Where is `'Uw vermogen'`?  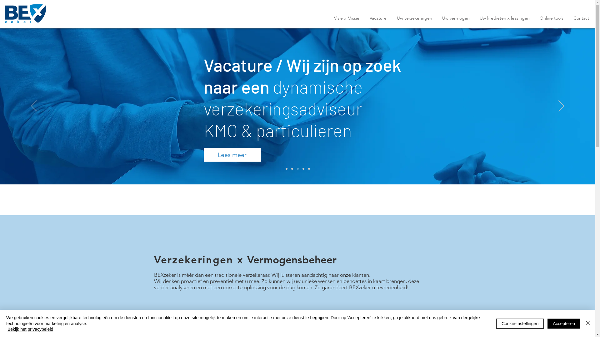 'Uw vermogen' is located at coordinates (437, 18).